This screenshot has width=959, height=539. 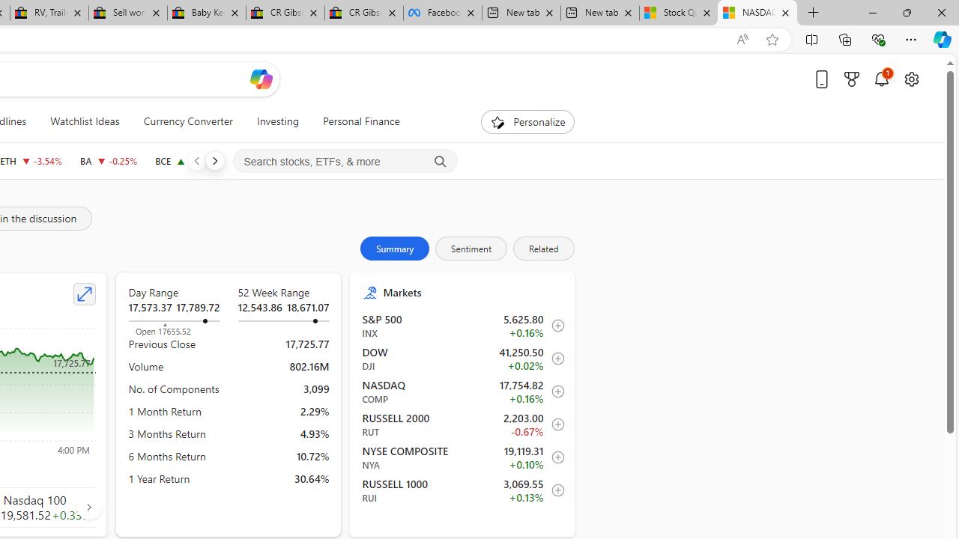 I want to click on 'Microsoft rewards', so click(x=852, y=79).